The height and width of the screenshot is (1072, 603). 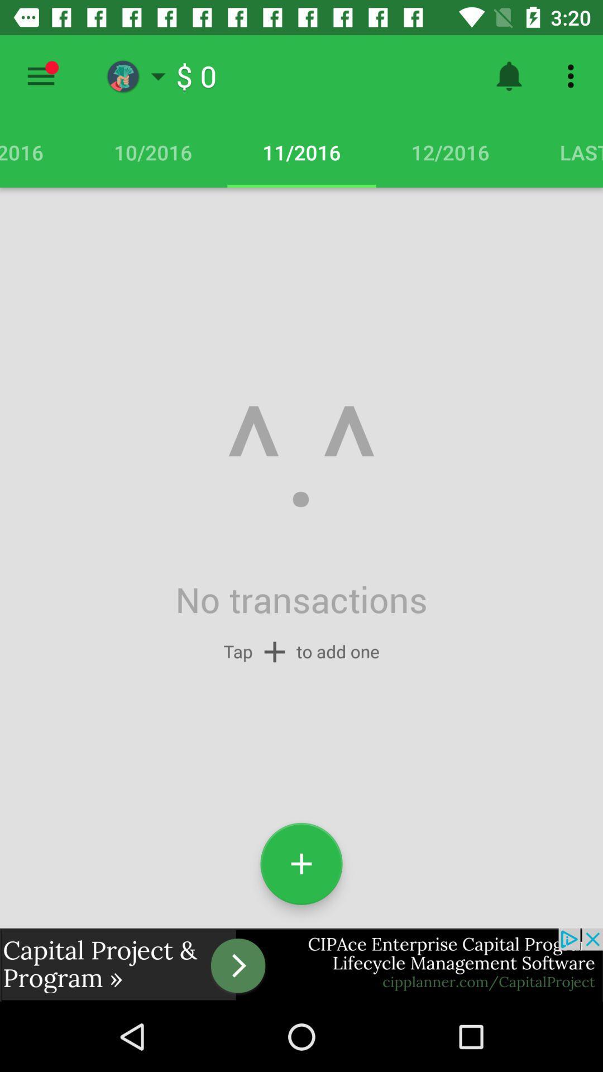 I want to click on menu icon, so click(x=40, y=75).